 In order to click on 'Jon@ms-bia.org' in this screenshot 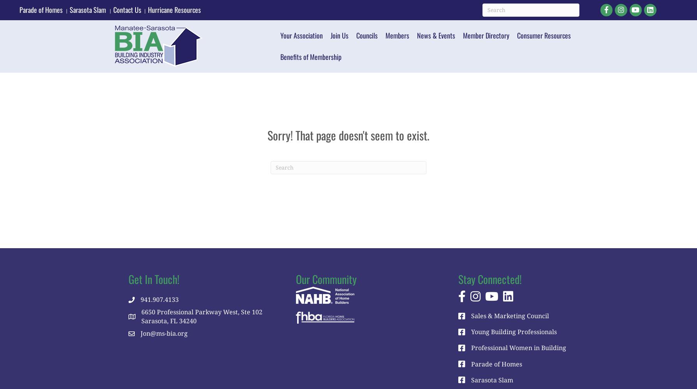, I will do `click(164, 333)`.